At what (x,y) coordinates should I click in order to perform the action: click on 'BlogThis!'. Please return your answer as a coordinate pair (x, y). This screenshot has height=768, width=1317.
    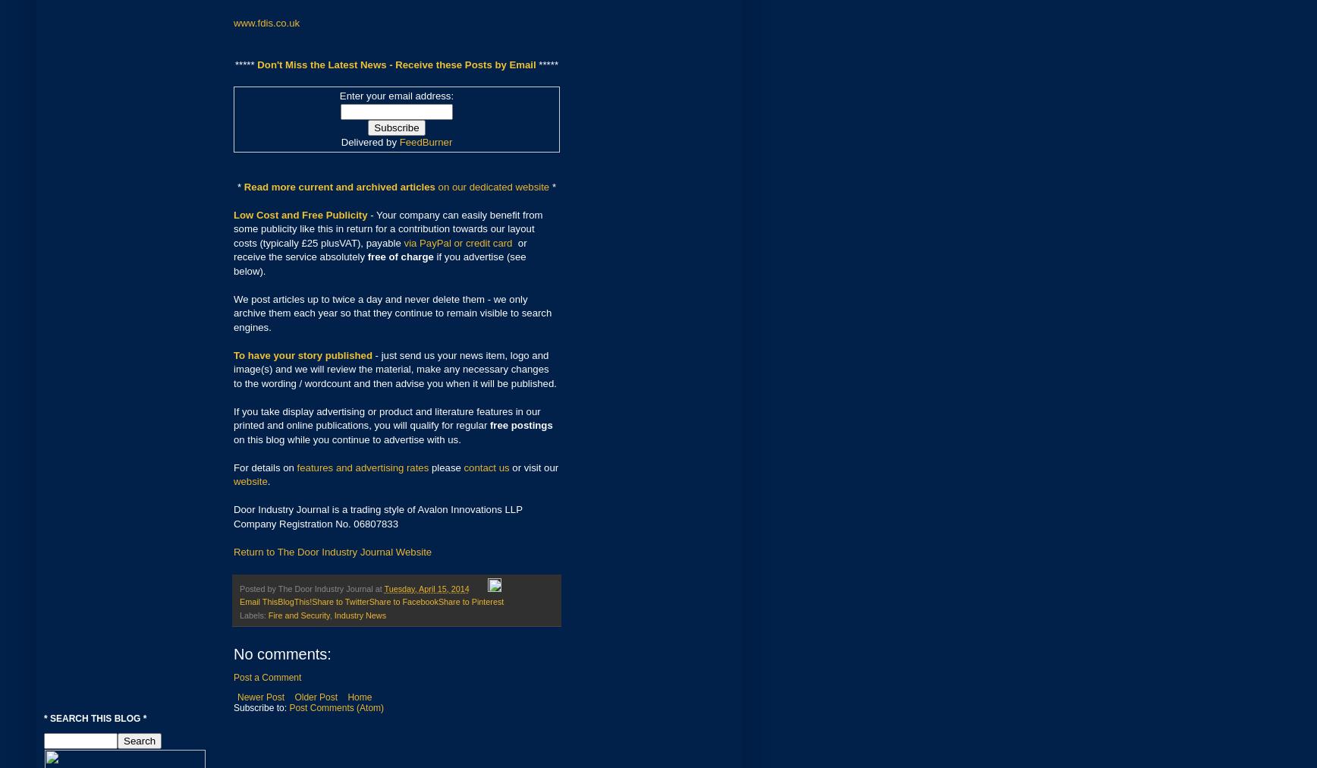
    Looking at the image, I should click on (294, 601).